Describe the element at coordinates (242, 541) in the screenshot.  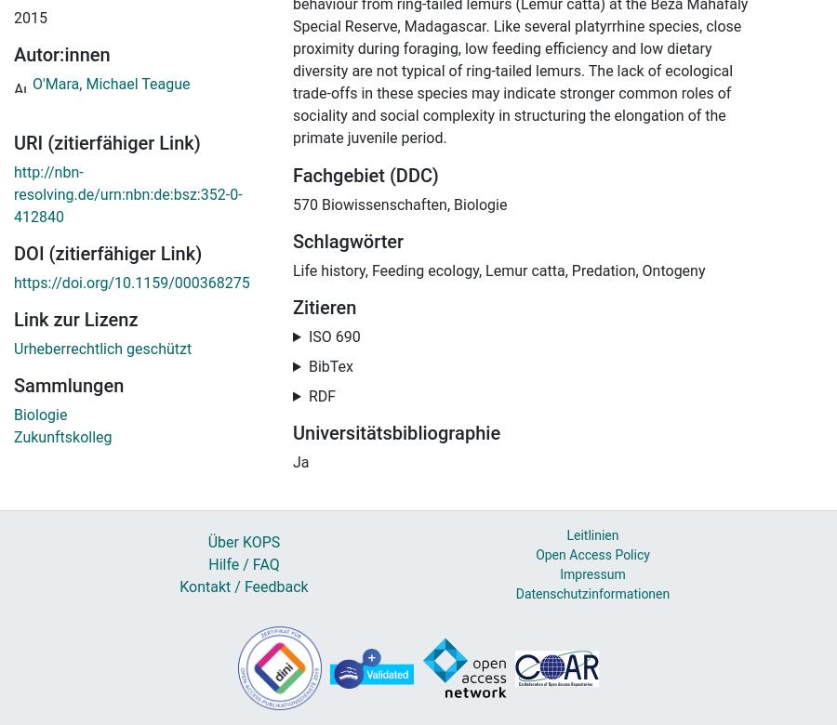
I see `'Über KOPS'` at that location.